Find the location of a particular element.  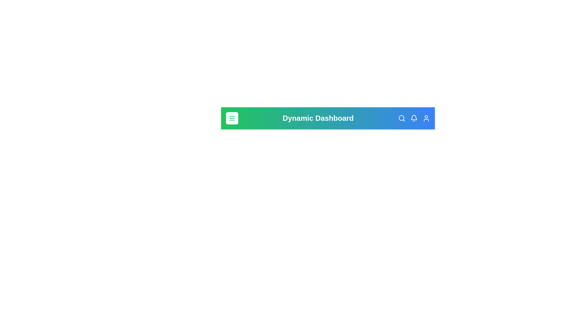

the notification bell icon to view notifications is located at coordinates (414, 118).